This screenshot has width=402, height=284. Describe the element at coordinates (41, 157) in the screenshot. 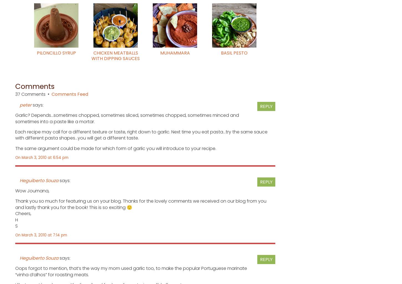

I see `'On March 3, 2010 at 6:54 pm'` at that location.